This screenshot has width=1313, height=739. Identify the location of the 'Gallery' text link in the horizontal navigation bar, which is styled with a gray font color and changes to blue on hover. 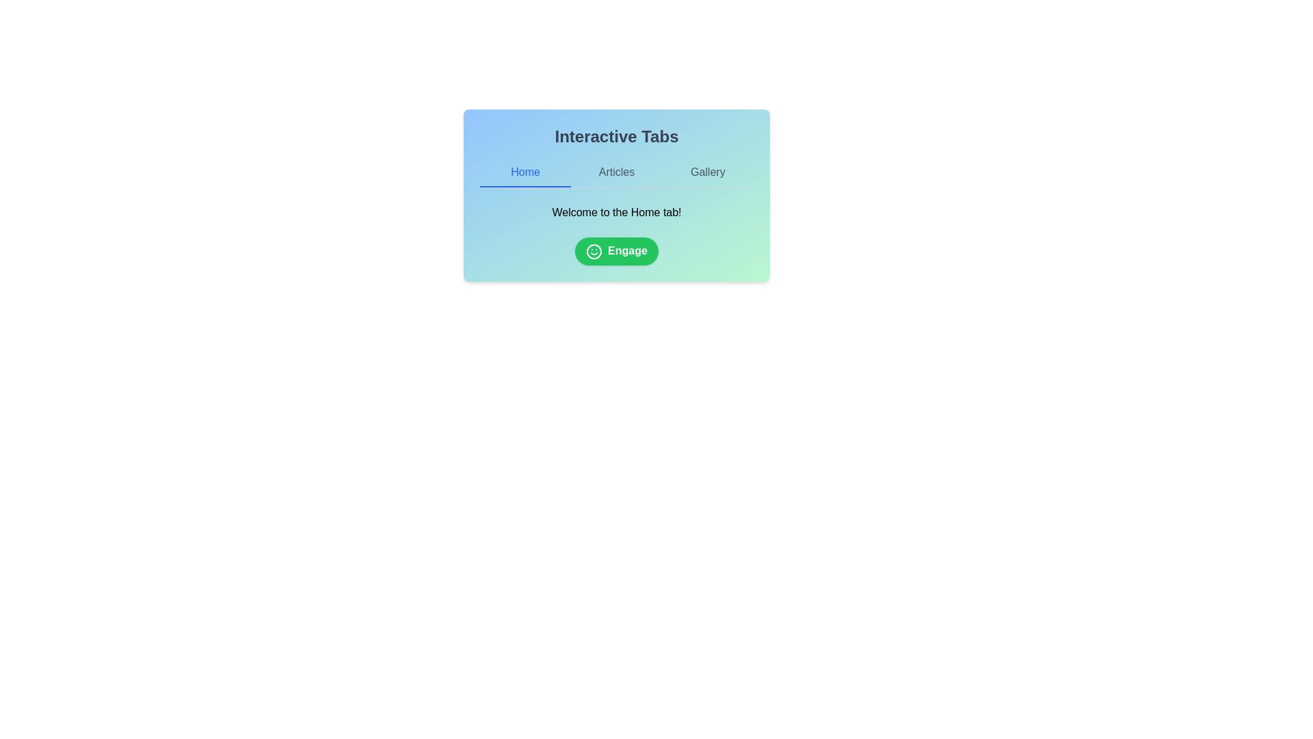
(708, 172).